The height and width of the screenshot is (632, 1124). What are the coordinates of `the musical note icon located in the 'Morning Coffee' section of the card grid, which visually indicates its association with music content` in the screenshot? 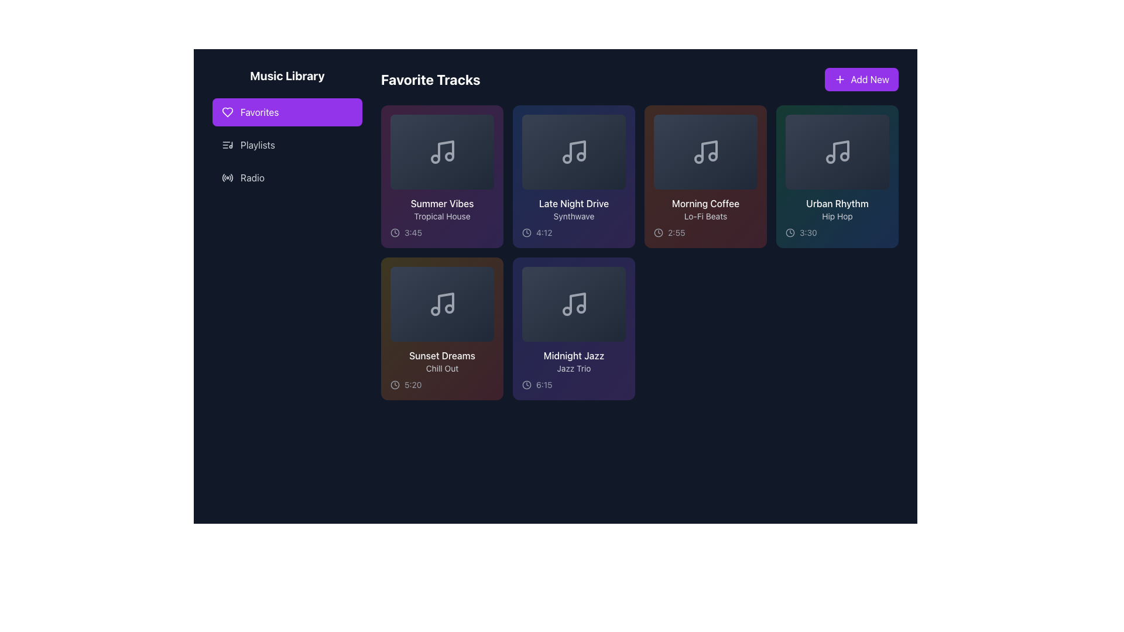 It's located at (705, 151).